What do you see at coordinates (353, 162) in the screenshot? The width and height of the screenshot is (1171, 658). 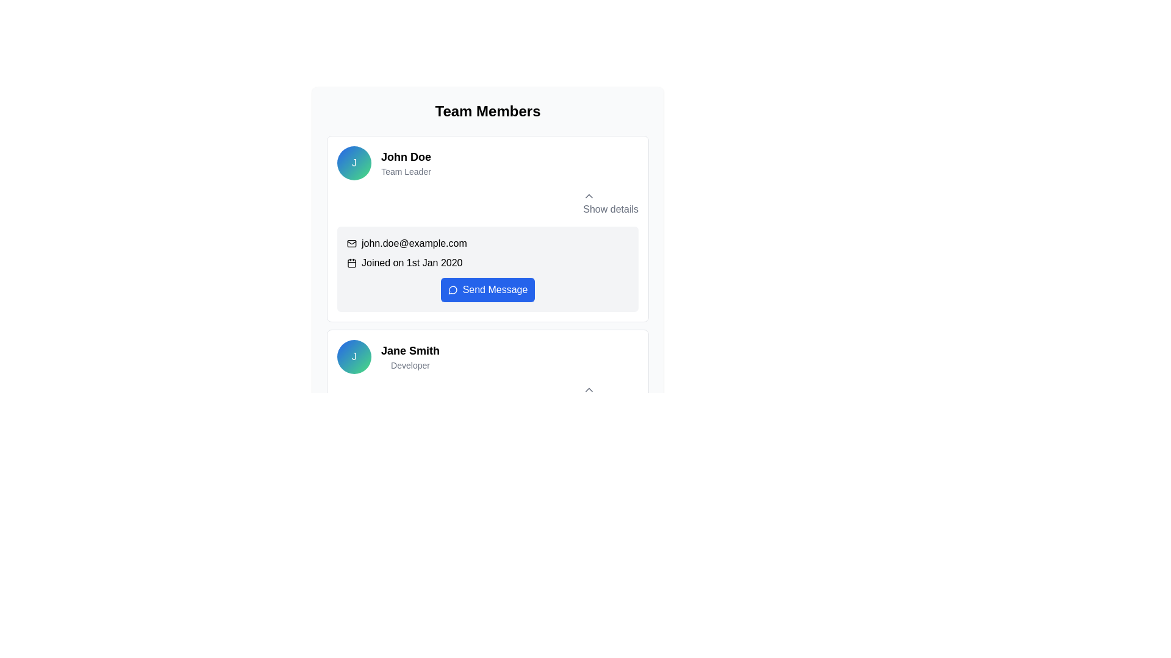 I see `the circular profile icon with a gradient background and the letter 'J' in white, which identifies 'John Doe' as 'Team Leader'` at bounding box center [353, 162].